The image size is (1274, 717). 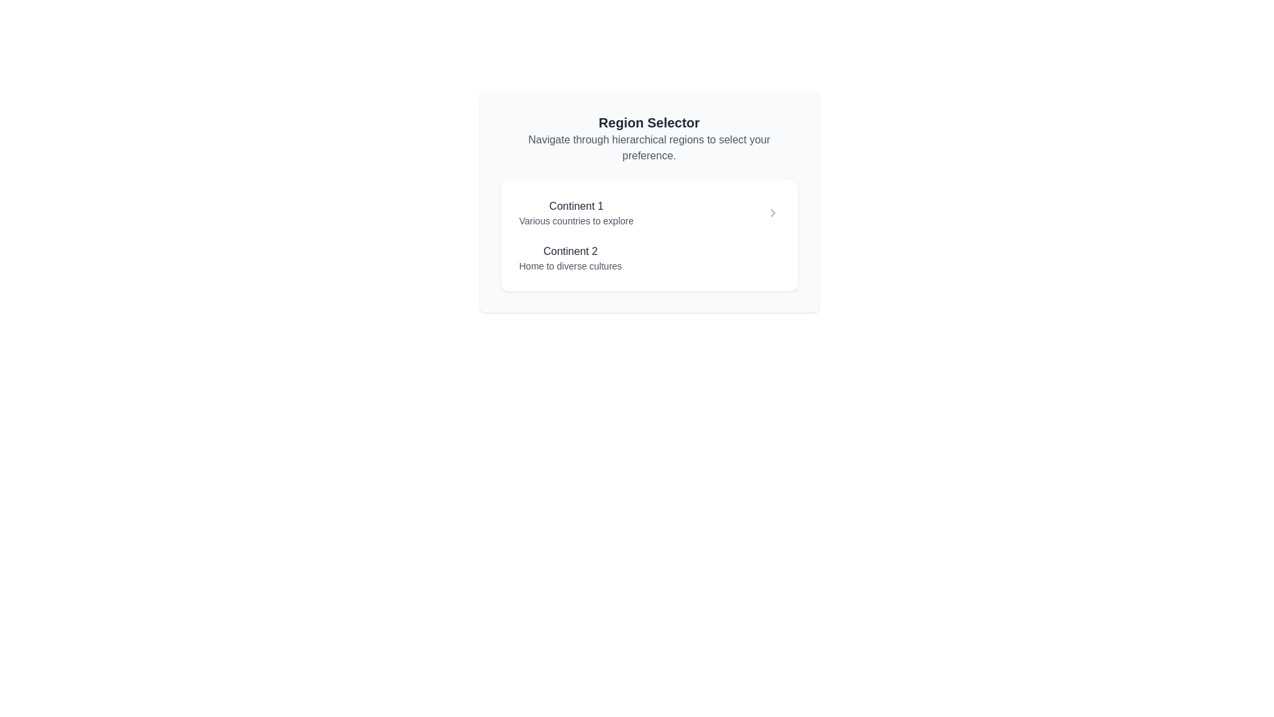 I want to click on the SVG Chevron Icon that indicates navigation for 'Continent 1', positioned to the right of the text, so click(x=772, y=212).